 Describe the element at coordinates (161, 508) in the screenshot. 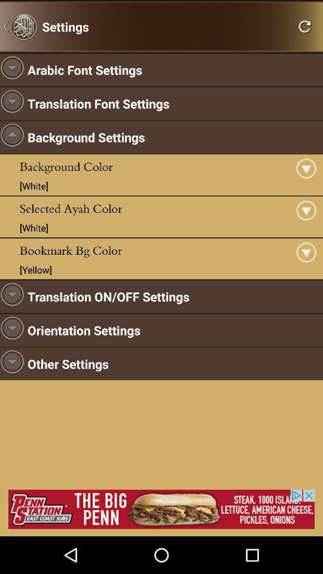

I see `advertisement` at that location.